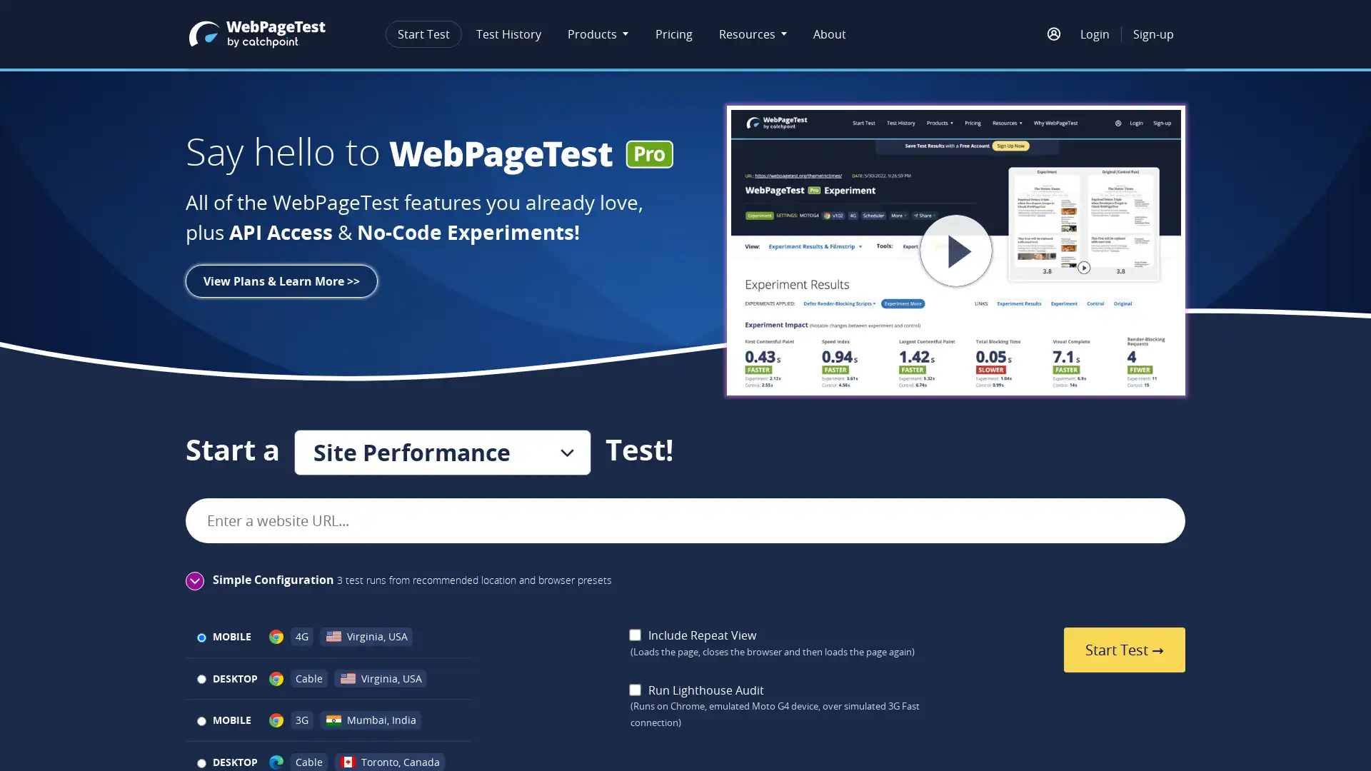 This screenshot has width=1371, height=771. Describe the element at coordinates (900, 250) in the screenshot. I see `Play/Pause Video` at that location.